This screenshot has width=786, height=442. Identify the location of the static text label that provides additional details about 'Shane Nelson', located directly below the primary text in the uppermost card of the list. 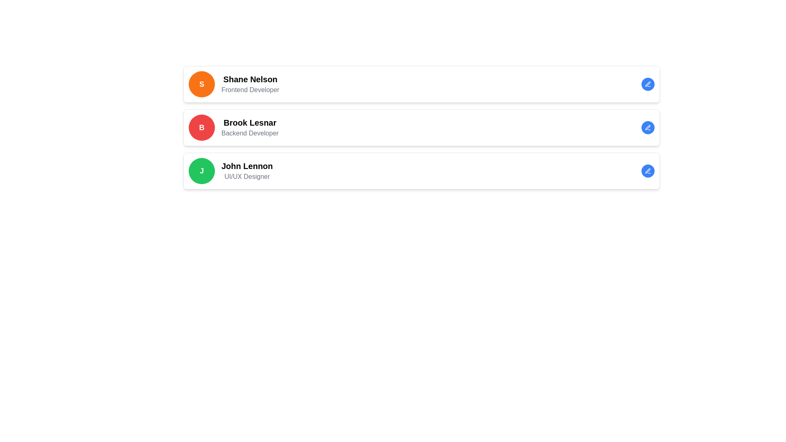
(250, 90).